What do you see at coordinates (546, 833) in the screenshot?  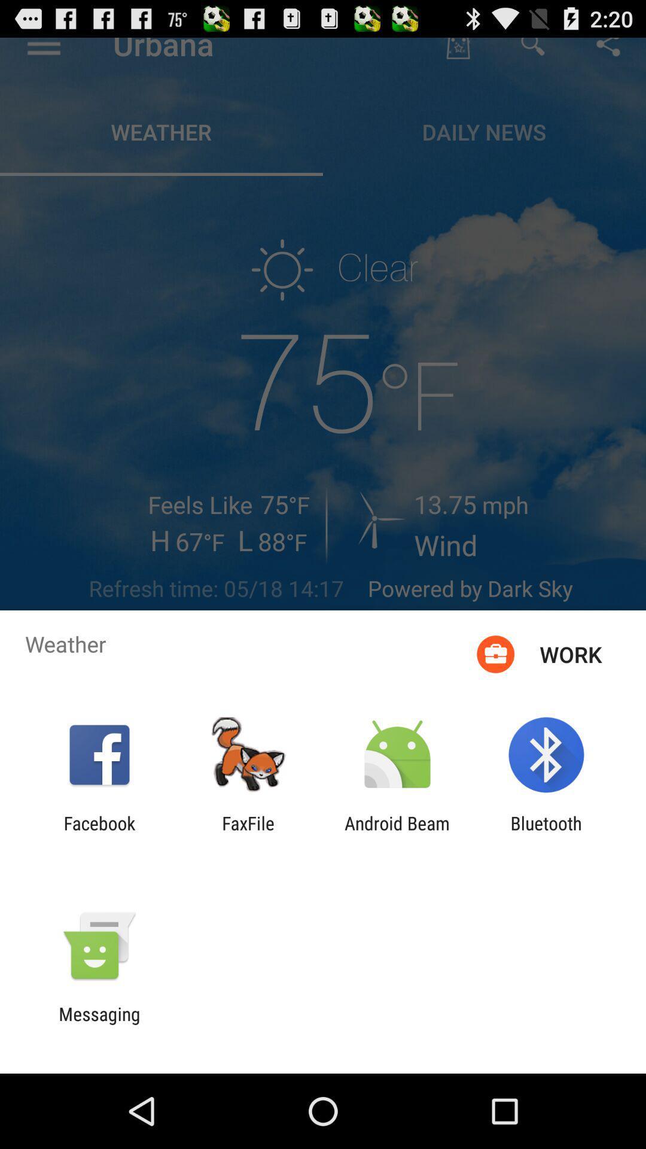 I see `the bluetooth` at bounding box center [546, 833].